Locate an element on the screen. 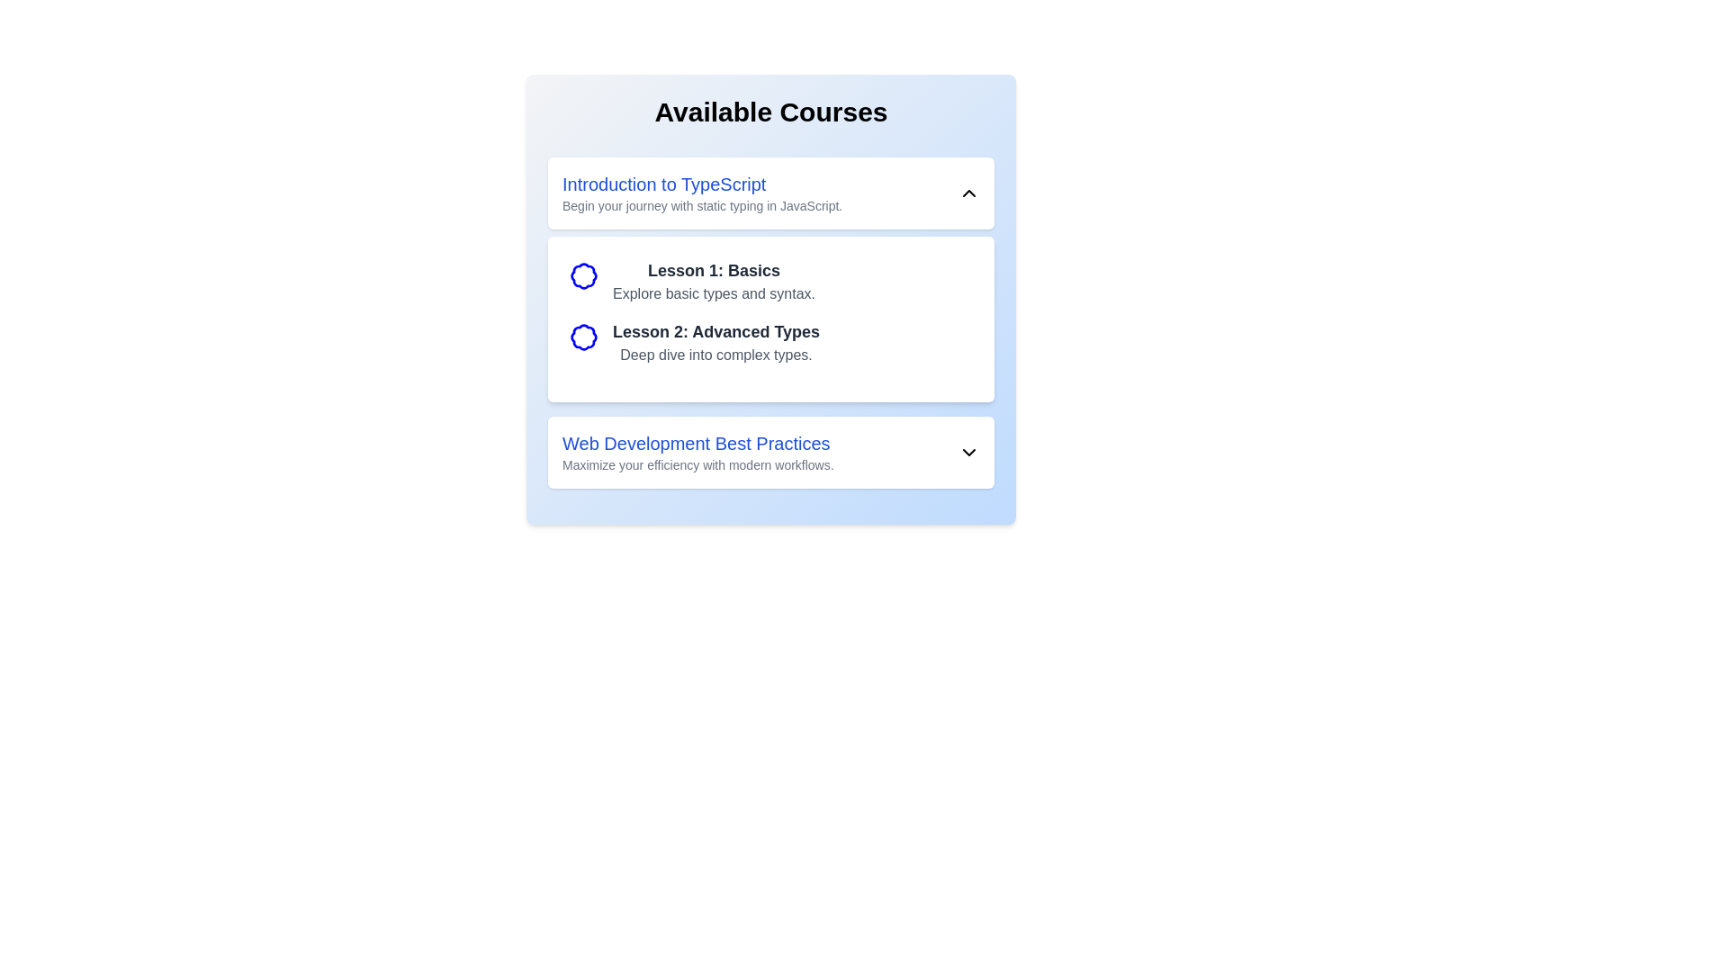 This screenshot has height=972, width=1728. the upward-pointing chevron arrow icon located at the top-right side of the 'Introduction to TypeScript' card is located at coordinates (967, 193).